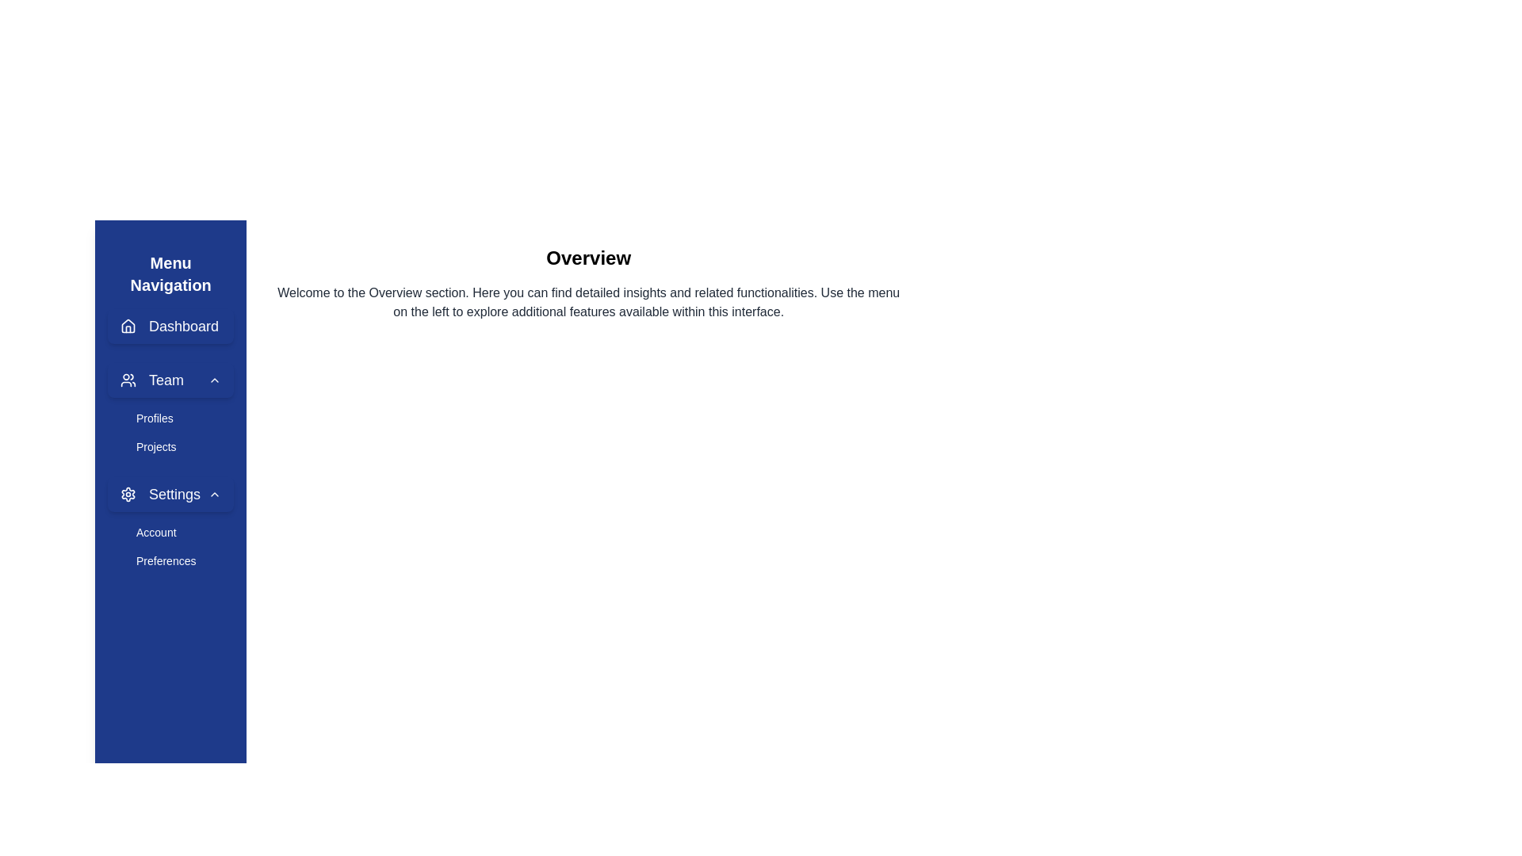 The image size is (1522, 856). Describe the element at coordinates (128, 380) in the screenshot. I see `the team icon represented by a pair of users, styled with a circular stroke and geometric shapes, located in the second item of the navigation menu on the left sidebar` at that location.